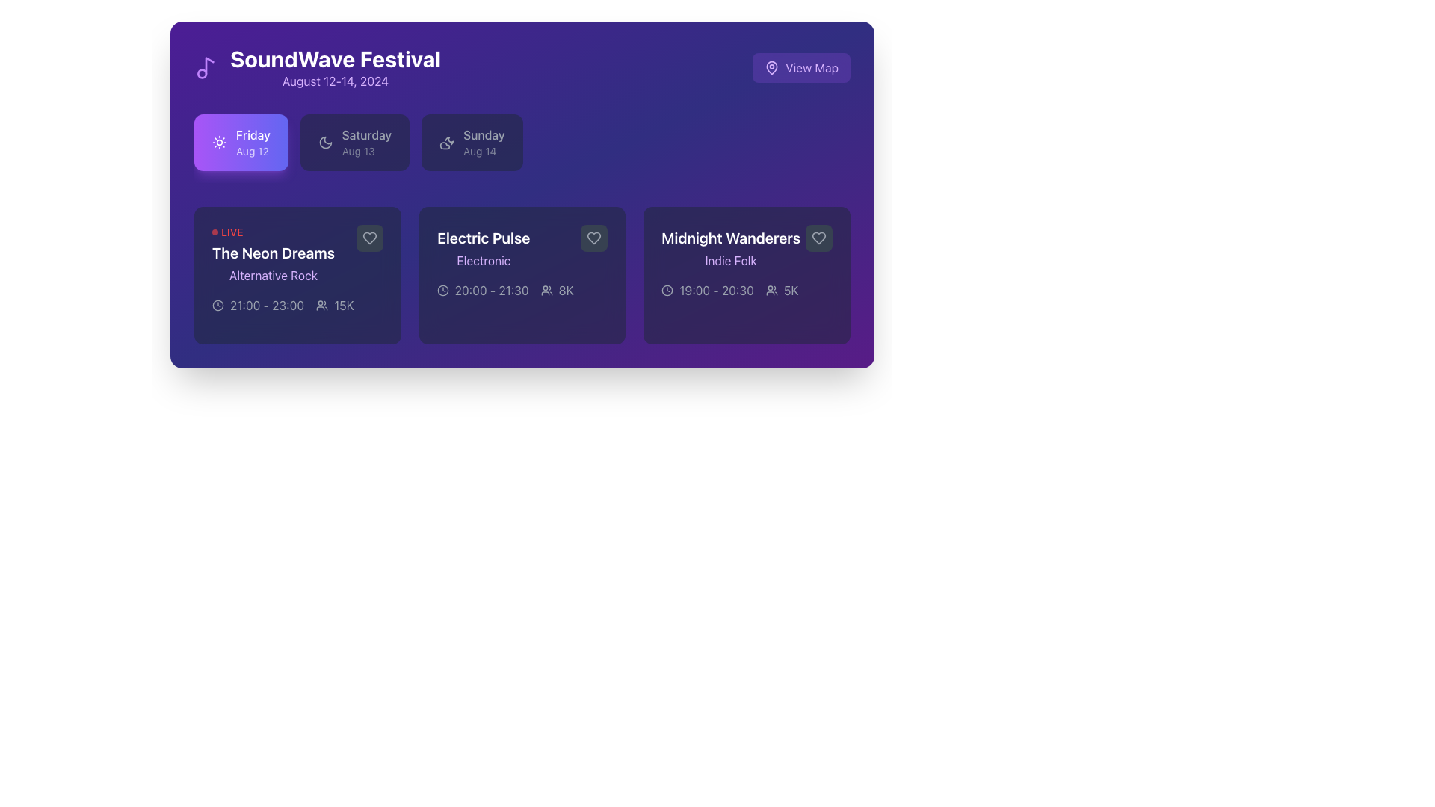  What do you see at coordinates (818, 238) in the screenshot?
I see `the heart-shaped icon button filled with a dark color located` at bounding box center [818, 238].